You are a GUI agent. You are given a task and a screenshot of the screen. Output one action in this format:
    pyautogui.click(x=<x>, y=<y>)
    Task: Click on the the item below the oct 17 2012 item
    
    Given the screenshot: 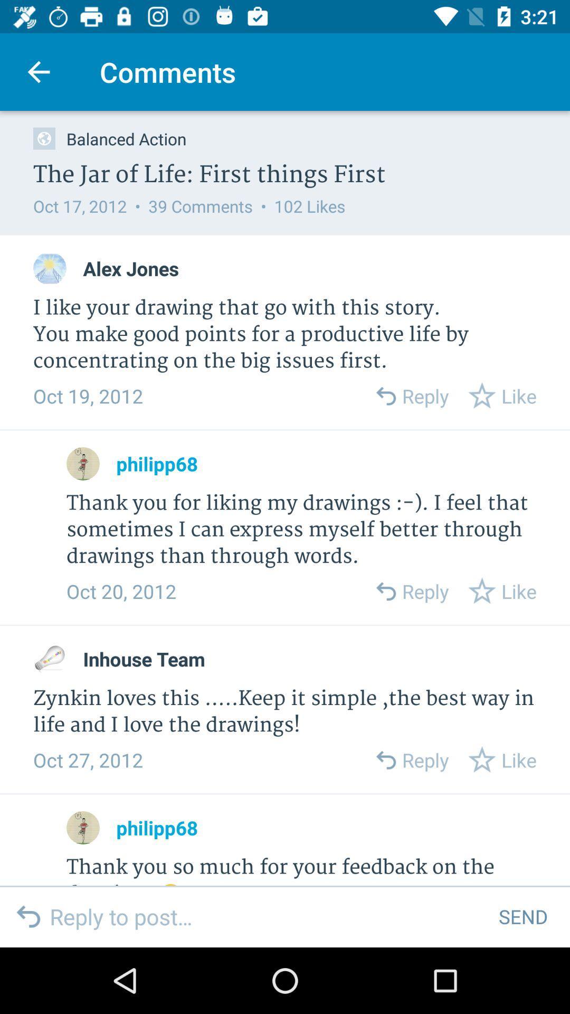 What is the action you would take?
    pyautogui.click(x=130, y=268)
    